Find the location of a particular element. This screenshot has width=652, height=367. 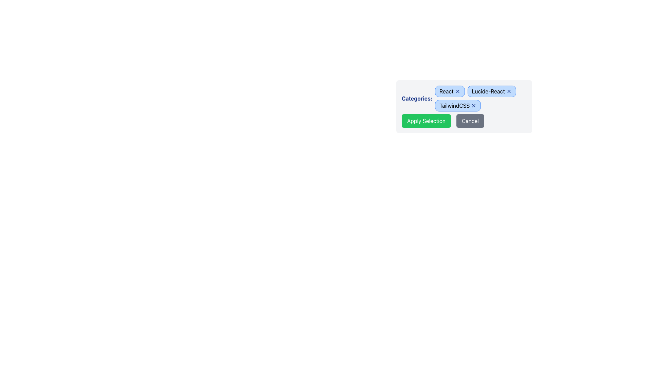

the cancel button located to the right of the 'Apply Selection' button in the 'Categories' section is located at coordinates (470, 120).